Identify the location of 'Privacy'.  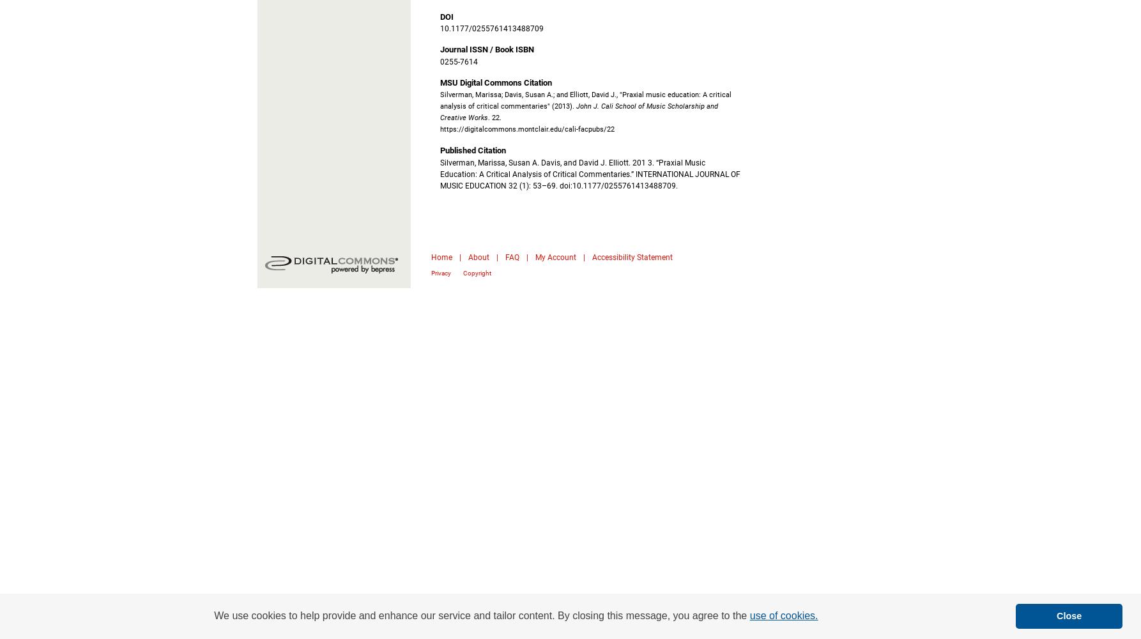
(441, 272).